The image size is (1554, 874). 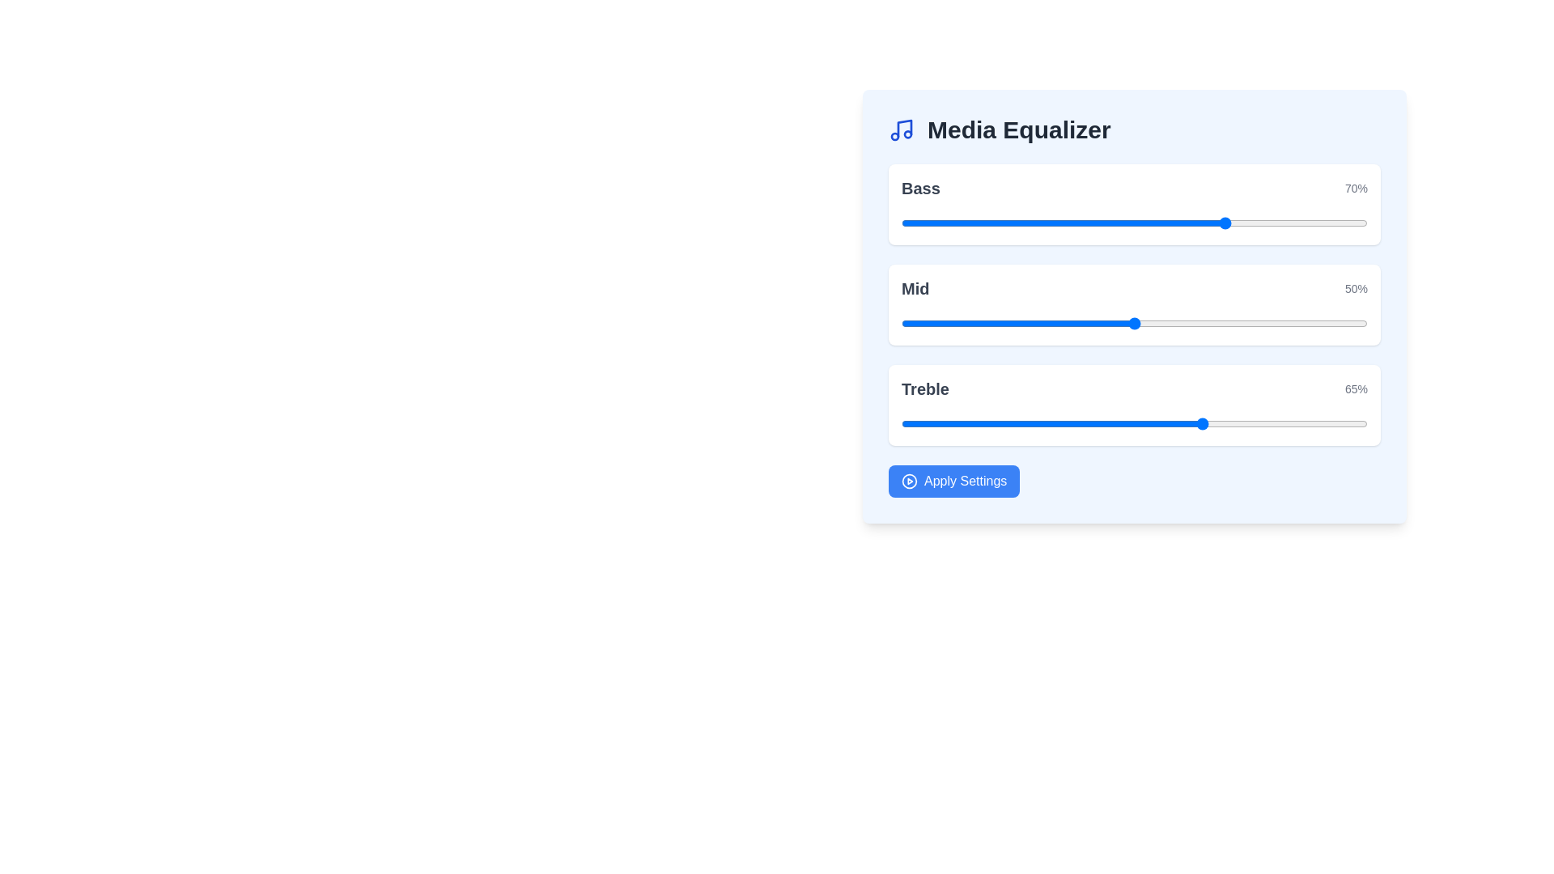 I want to click on the slider, so click(x=1335, y=324).